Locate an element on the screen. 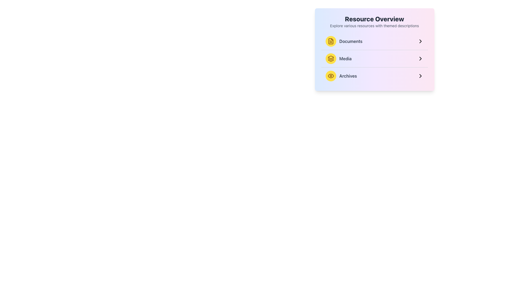  the chevron-shaped button with a right-pointing arrow located next to the 'Archives' label in the 'Resource Overview' section is located at coordinates (420, 76).